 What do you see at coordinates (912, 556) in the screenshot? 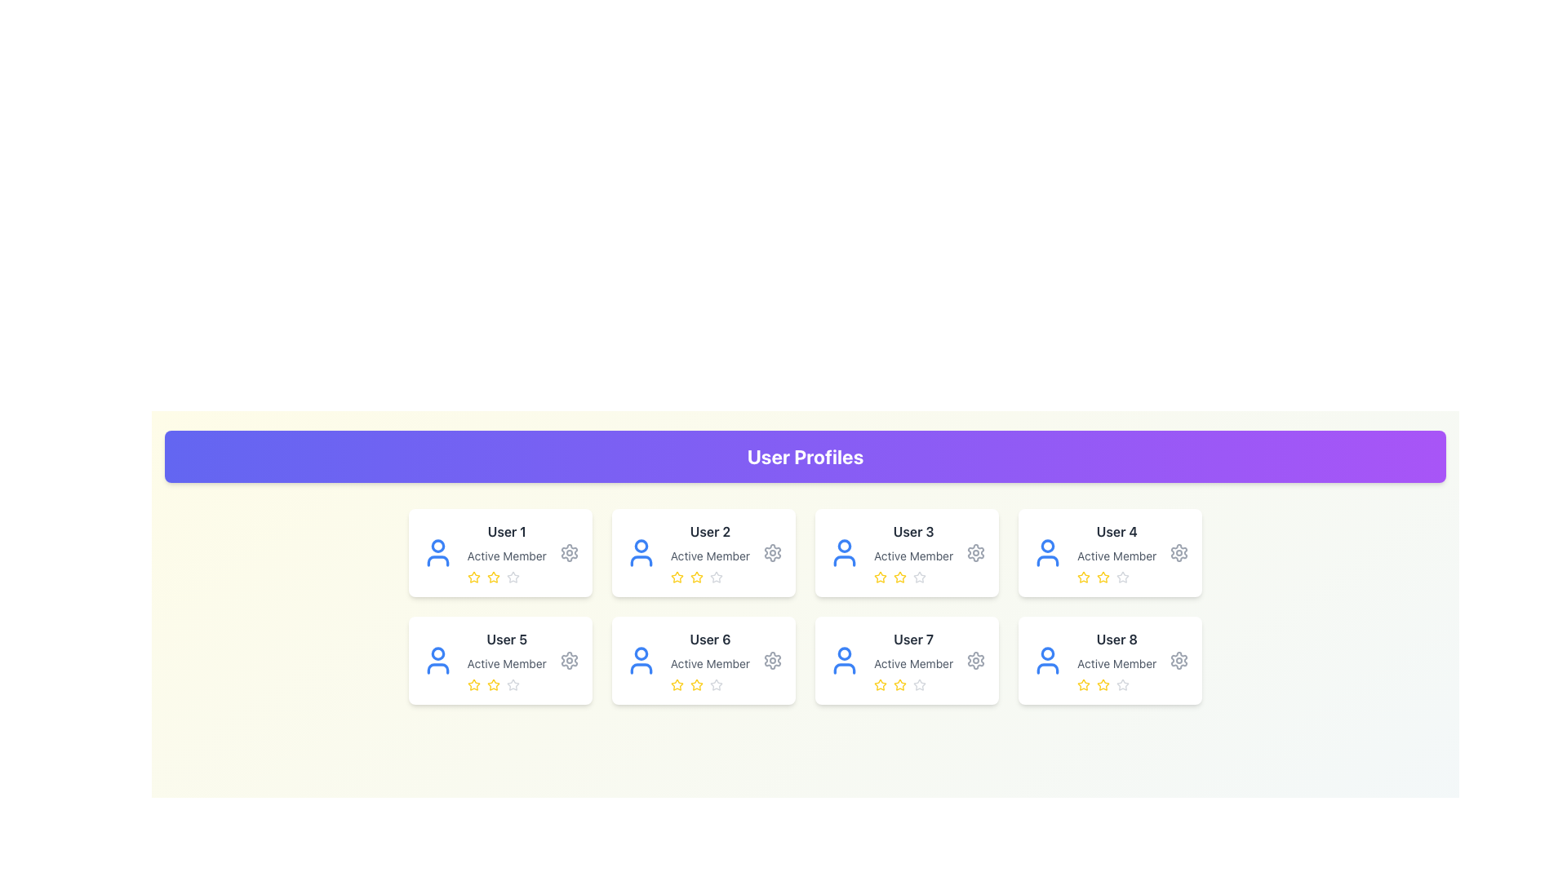
I see `the text label indicating the user's active membership status` at bounding box center [912, 556].